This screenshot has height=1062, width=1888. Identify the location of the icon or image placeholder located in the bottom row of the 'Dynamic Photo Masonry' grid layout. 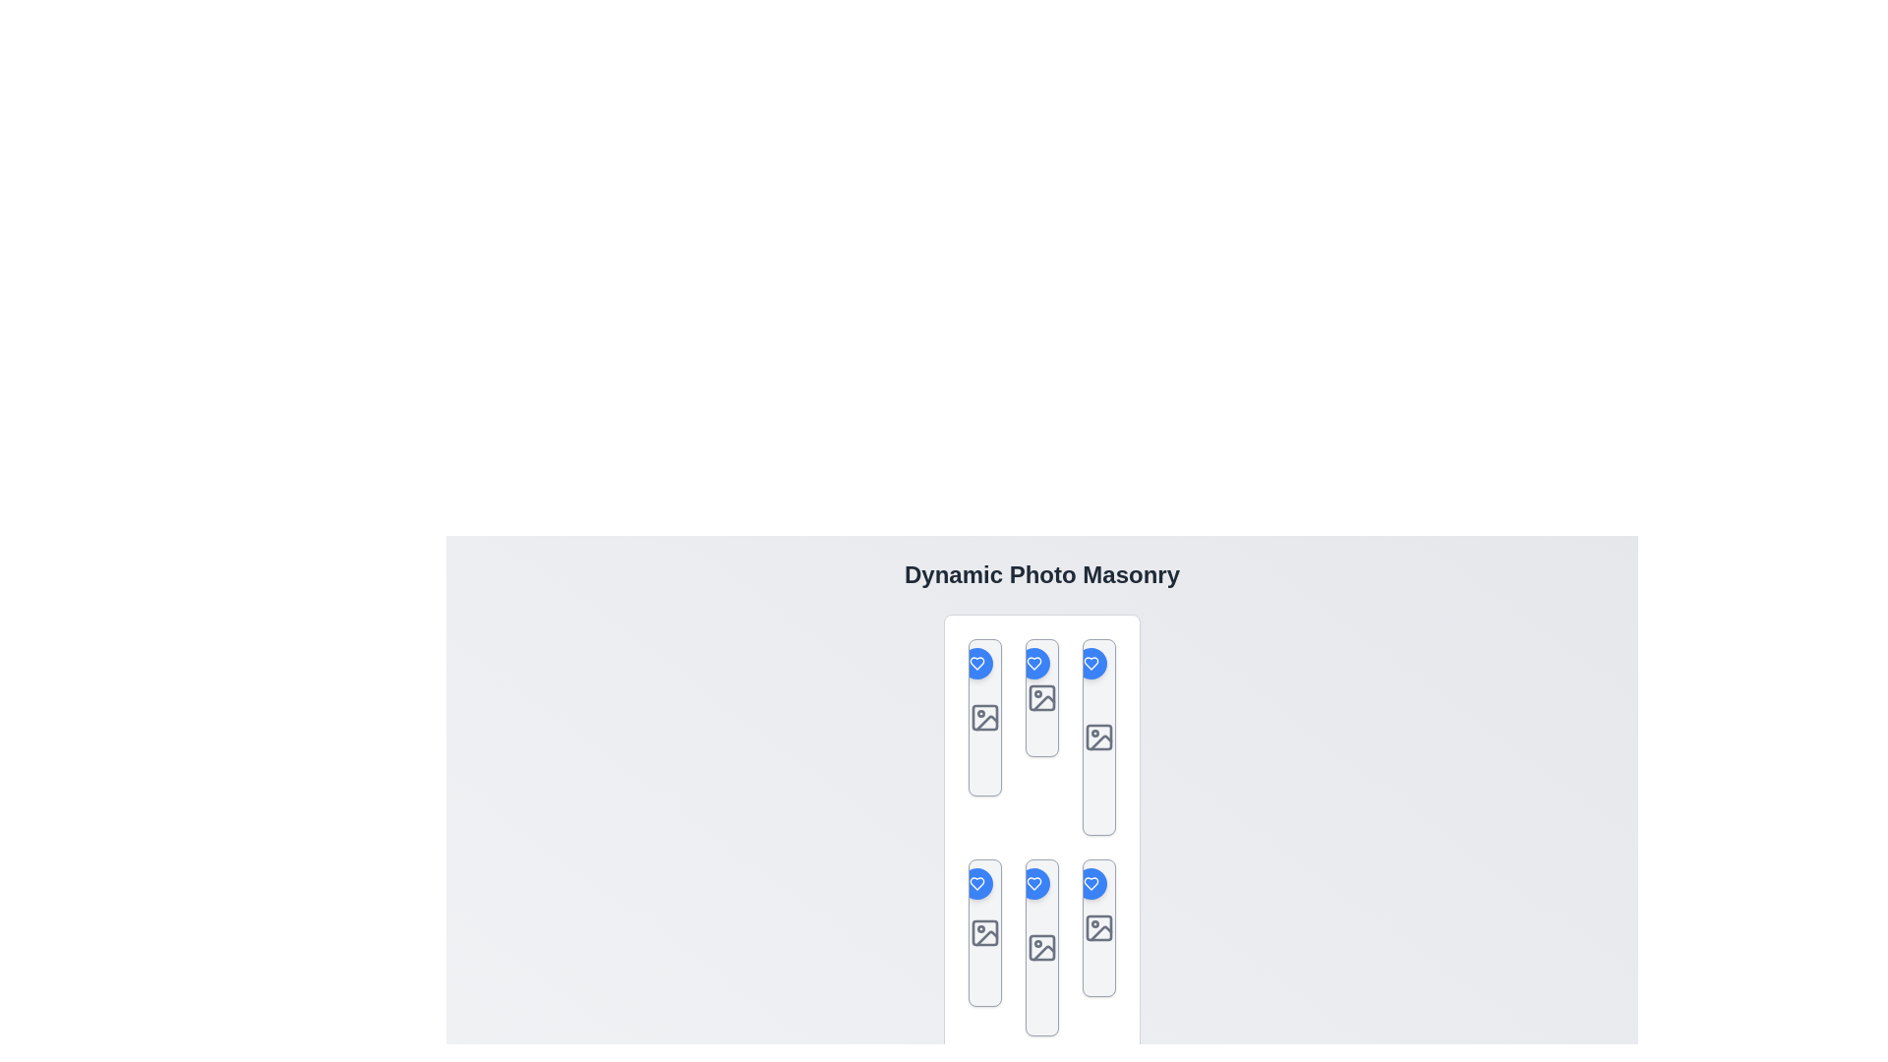
(1041, 947).